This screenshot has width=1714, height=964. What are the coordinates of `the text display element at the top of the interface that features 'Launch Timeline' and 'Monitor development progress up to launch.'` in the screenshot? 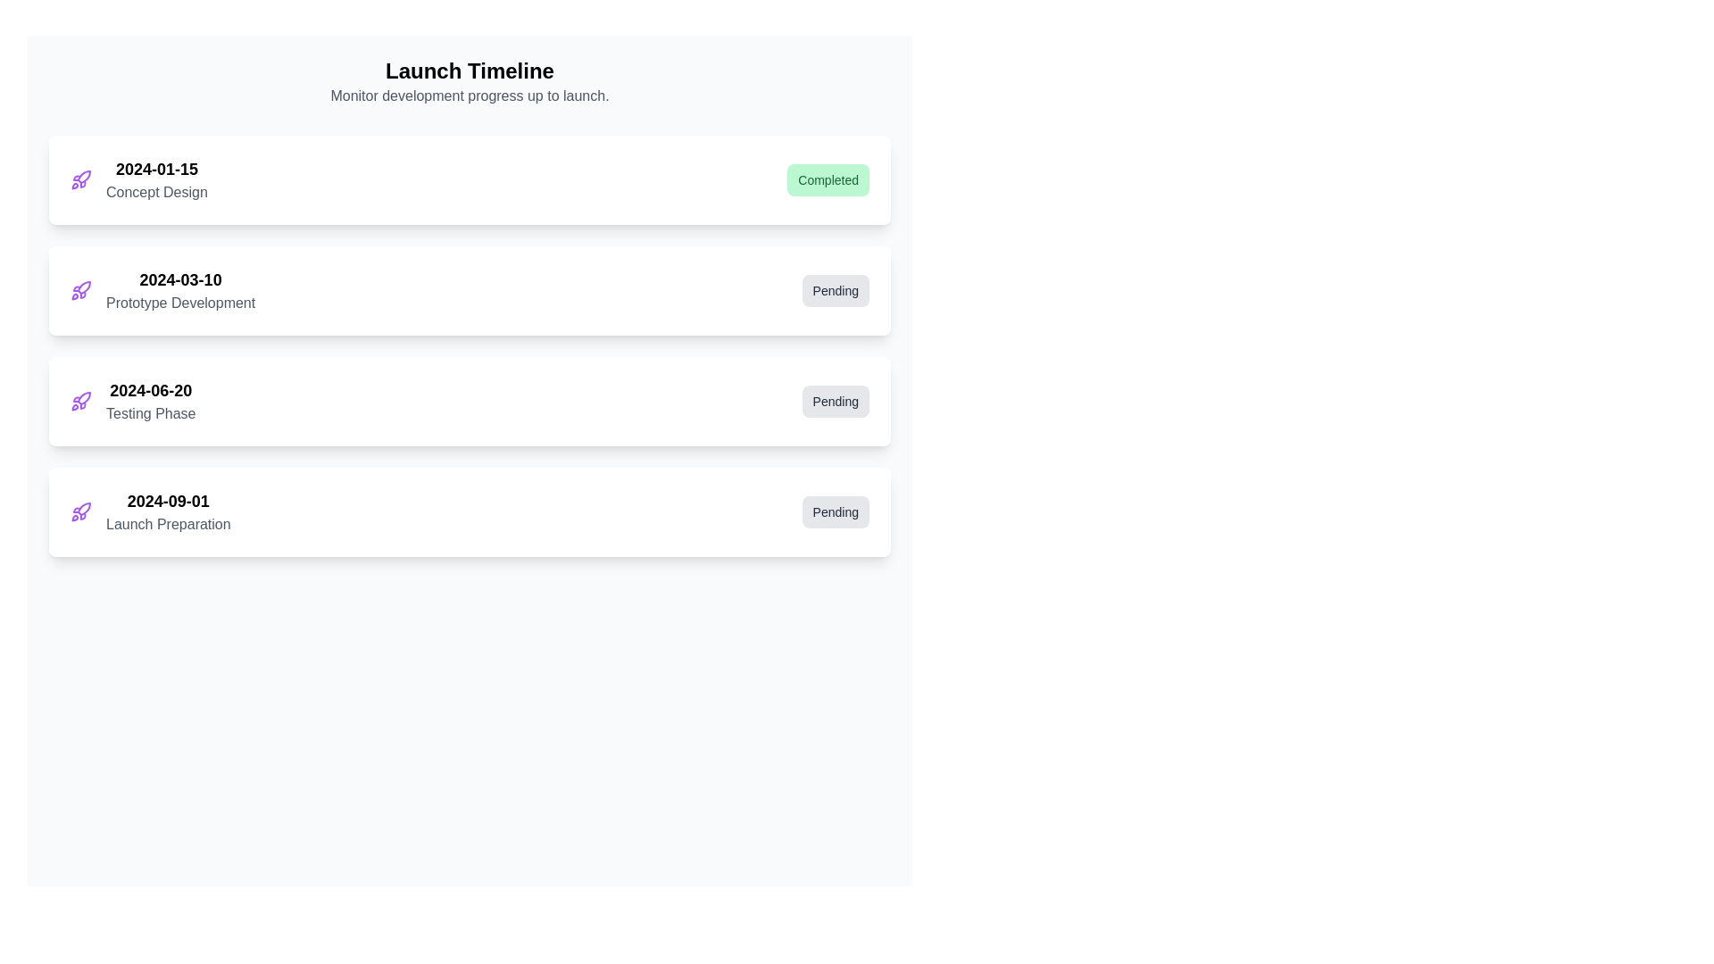 It's located at (470, 82).